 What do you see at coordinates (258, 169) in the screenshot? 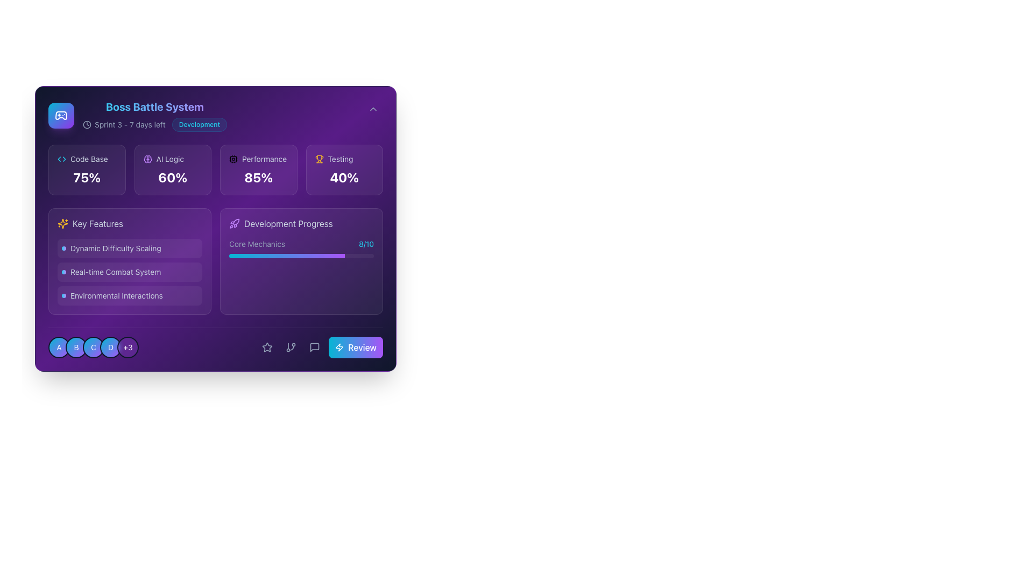
I see `displayed text on the 'Performance' metric card located in the top row of the grid layout, third from the left` at bounding box center [258, 169].